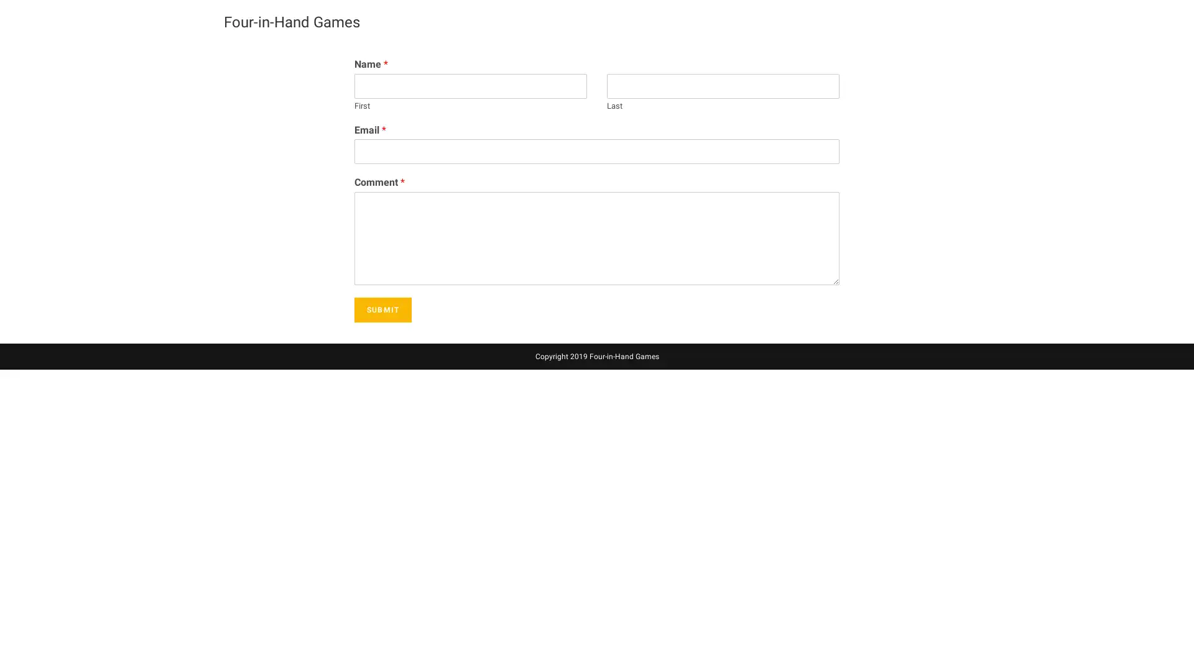 The image size is (1194, 671). What do you see at coordinates (382, 309) in the screenshot?
I see `SUBMIT` at bounding box center [382, 309].